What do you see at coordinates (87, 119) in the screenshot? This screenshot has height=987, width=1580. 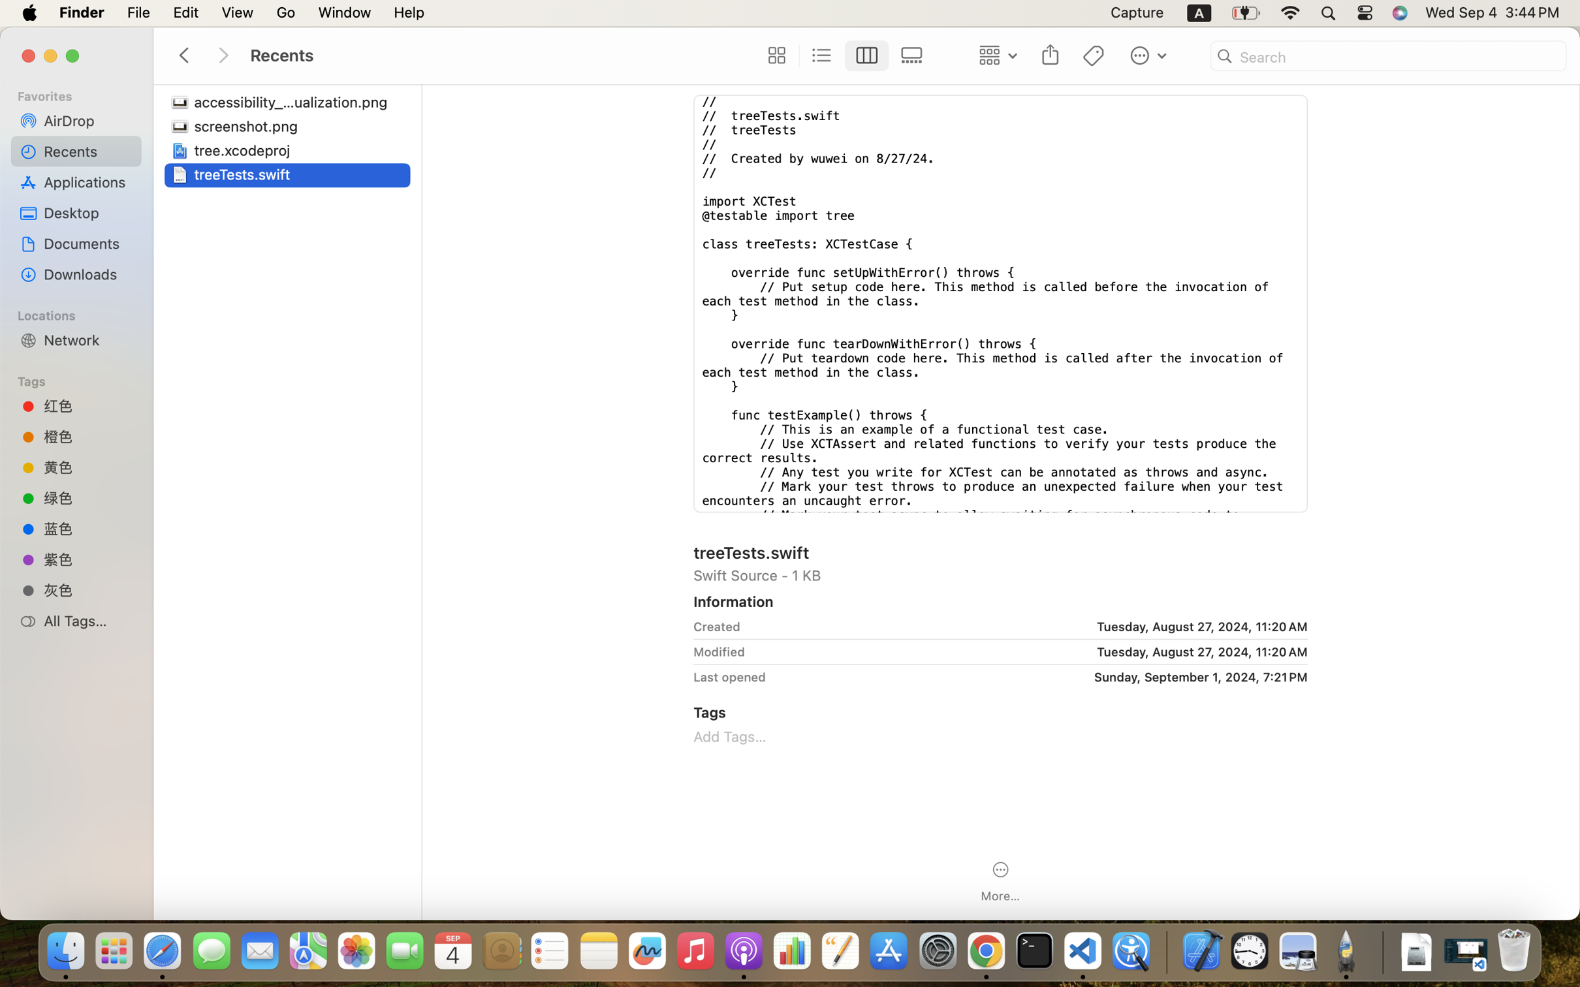 I see `'AirDrop'` at bounding box center [87, 119].